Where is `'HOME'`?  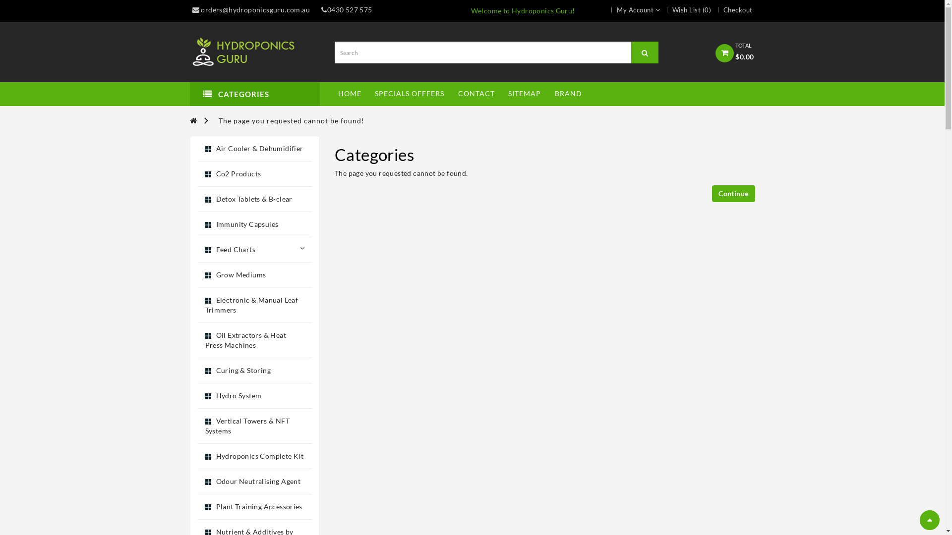
'HOME' is located at coordinates (350, 94).